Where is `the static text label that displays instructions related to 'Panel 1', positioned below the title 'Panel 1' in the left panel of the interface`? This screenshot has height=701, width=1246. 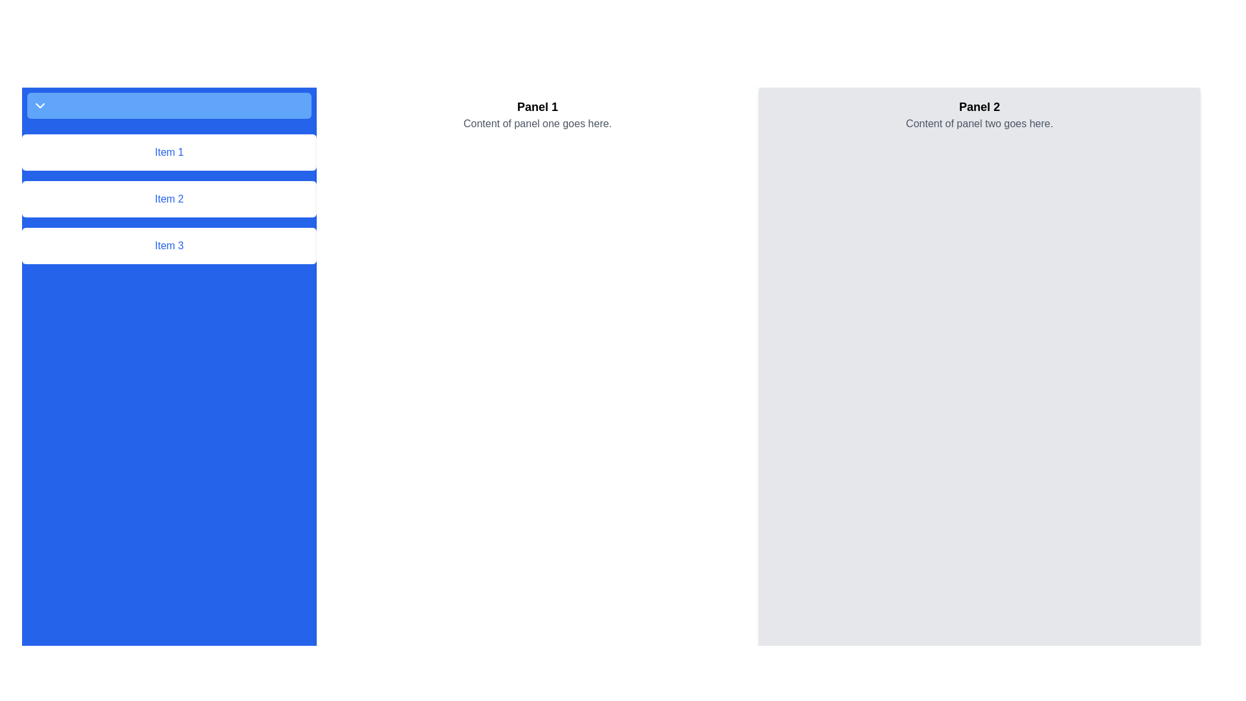 the static text label that displays instructions related to 'Panel 1', positioned below the title 'Panel 1' in the left panel of the interface is located at coordinates (537, 124).